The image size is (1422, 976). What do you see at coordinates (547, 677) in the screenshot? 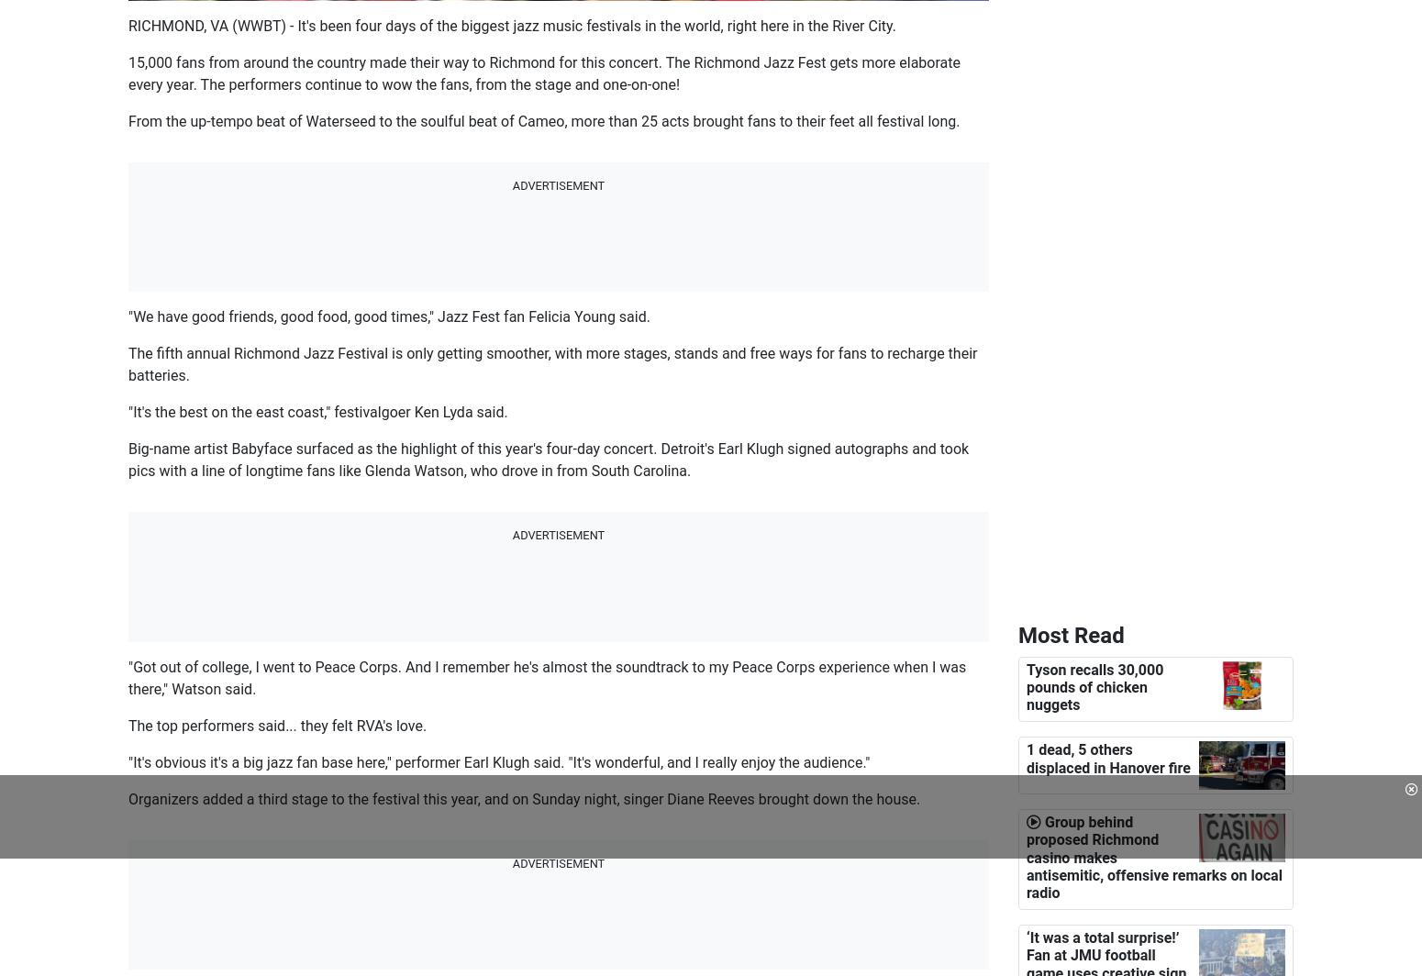
I see `'"Got out of college, I went to Peace Corps. And I remember he's almost the soundtrack to my Peace Corps experience when I was there," Watson said.'` at bounding box center [547, 677].